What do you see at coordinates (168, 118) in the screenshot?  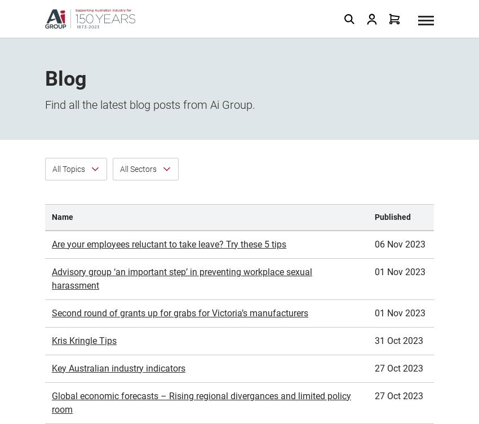 I see `'Are your employees reluctant to take leave? Try these 5 tips'` at bounding box center [168, 118].